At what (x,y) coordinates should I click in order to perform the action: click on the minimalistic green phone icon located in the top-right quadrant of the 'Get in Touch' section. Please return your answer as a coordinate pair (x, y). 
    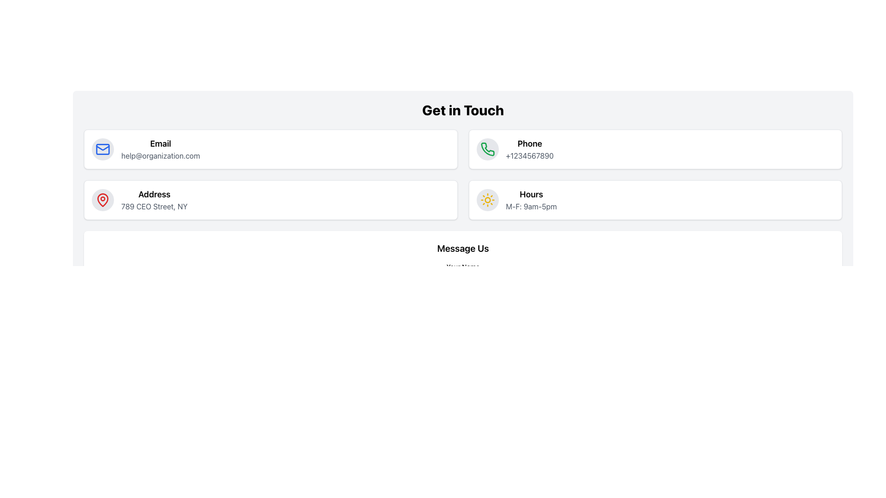
    Looking at the image, I should click on (487, 149).